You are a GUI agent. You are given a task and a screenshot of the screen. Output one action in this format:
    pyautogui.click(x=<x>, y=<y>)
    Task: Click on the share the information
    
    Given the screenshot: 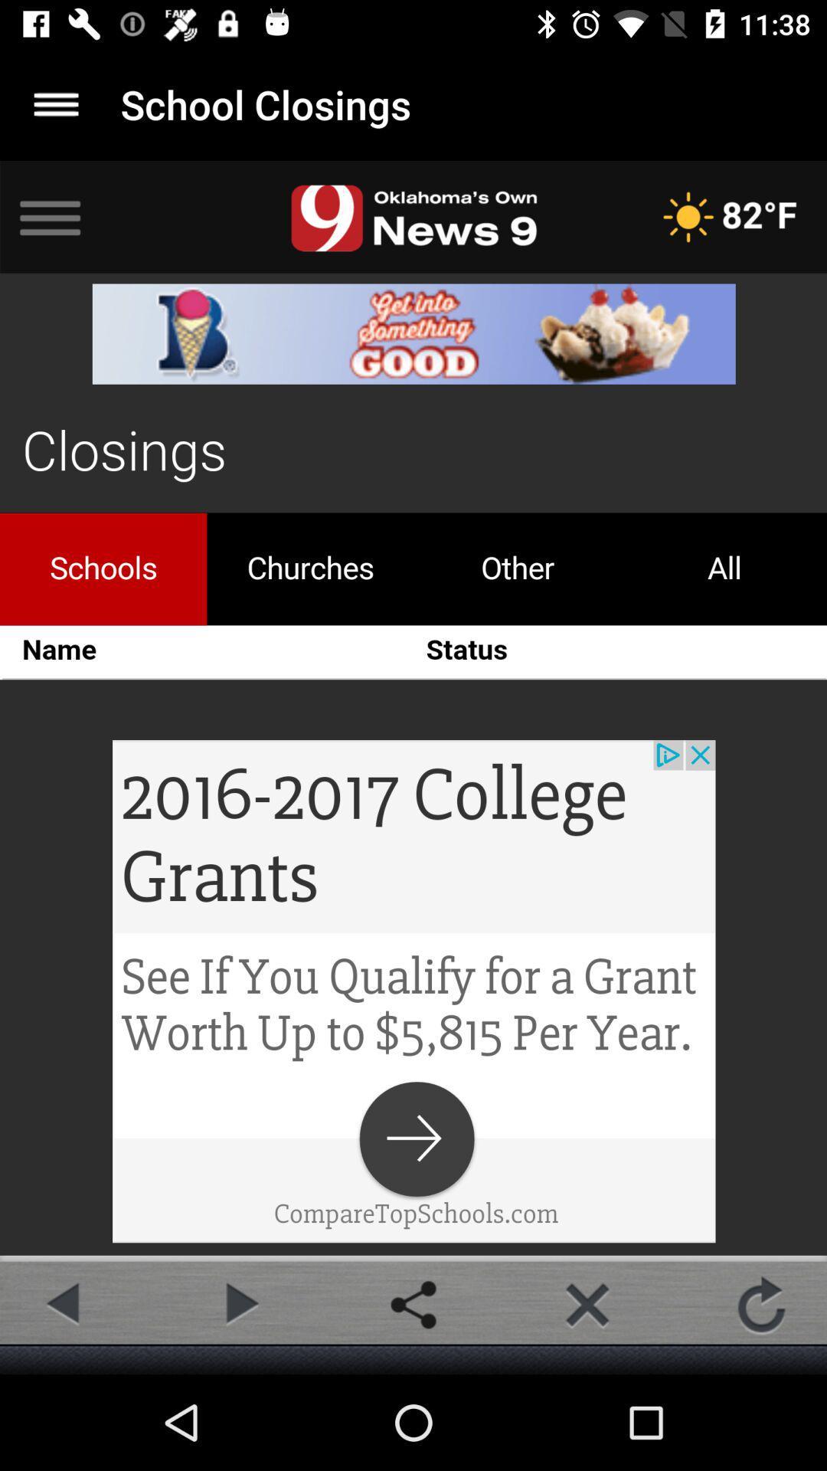 What is the action you would take?
    pyautogui.click(x=413, y=1304)
    